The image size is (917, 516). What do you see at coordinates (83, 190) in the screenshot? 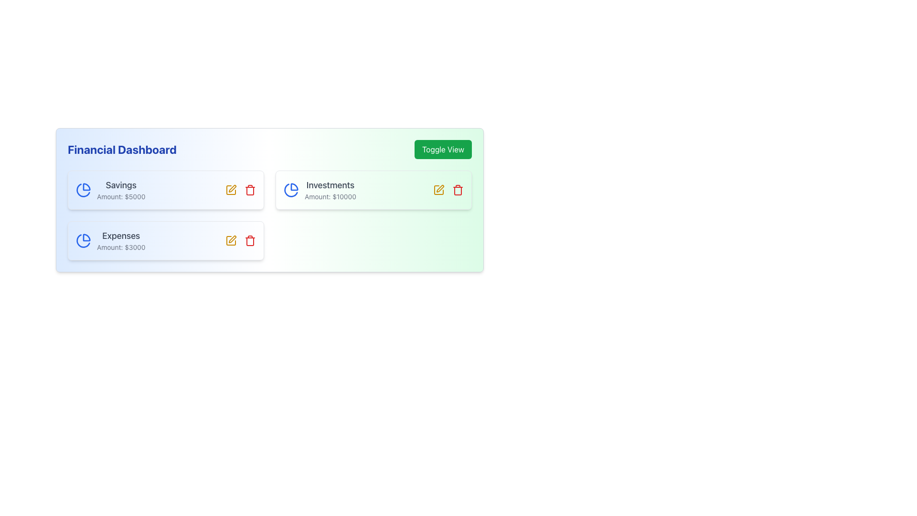
I see `the 'Savings' icon located to the left of the text block that contains 'Savings' and 'Amount: $5000'` at bounding box center [83, 190].